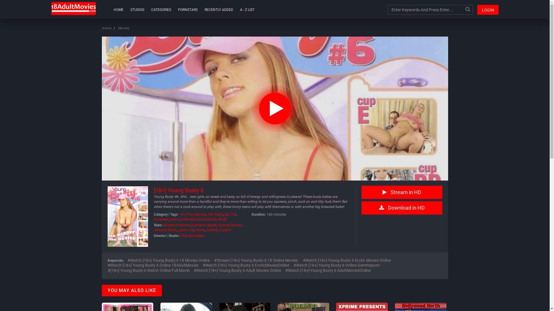  I want to click on 'Tammy (Czech)', so click(206, 230).